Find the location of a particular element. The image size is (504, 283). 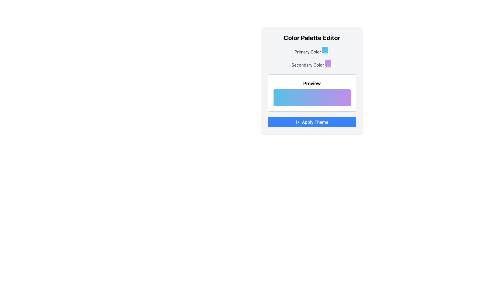

the Visual preview panel, a rectangular component with a gradient background transitioning from sky blue to lavender purple, located below the 'Preview' title is located at coordinates (312, 98).